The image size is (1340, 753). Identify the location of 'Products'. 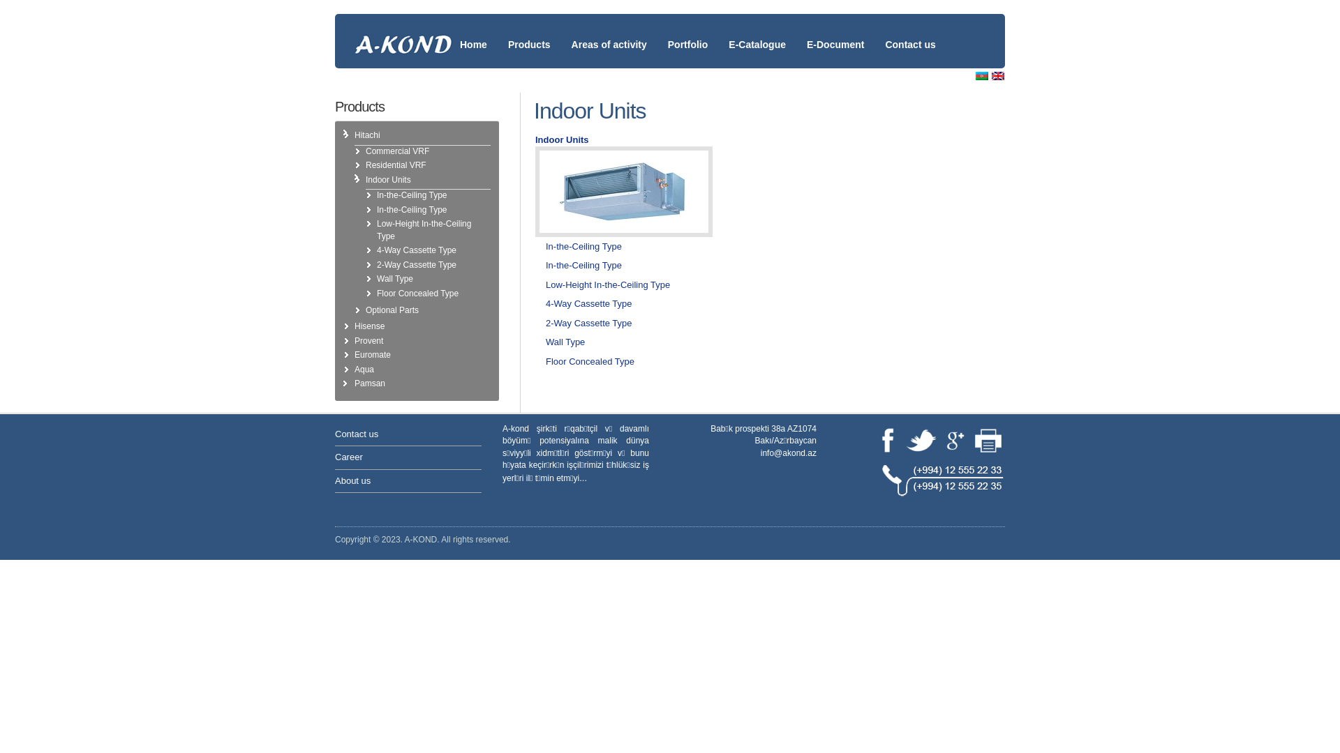
(528, 31).